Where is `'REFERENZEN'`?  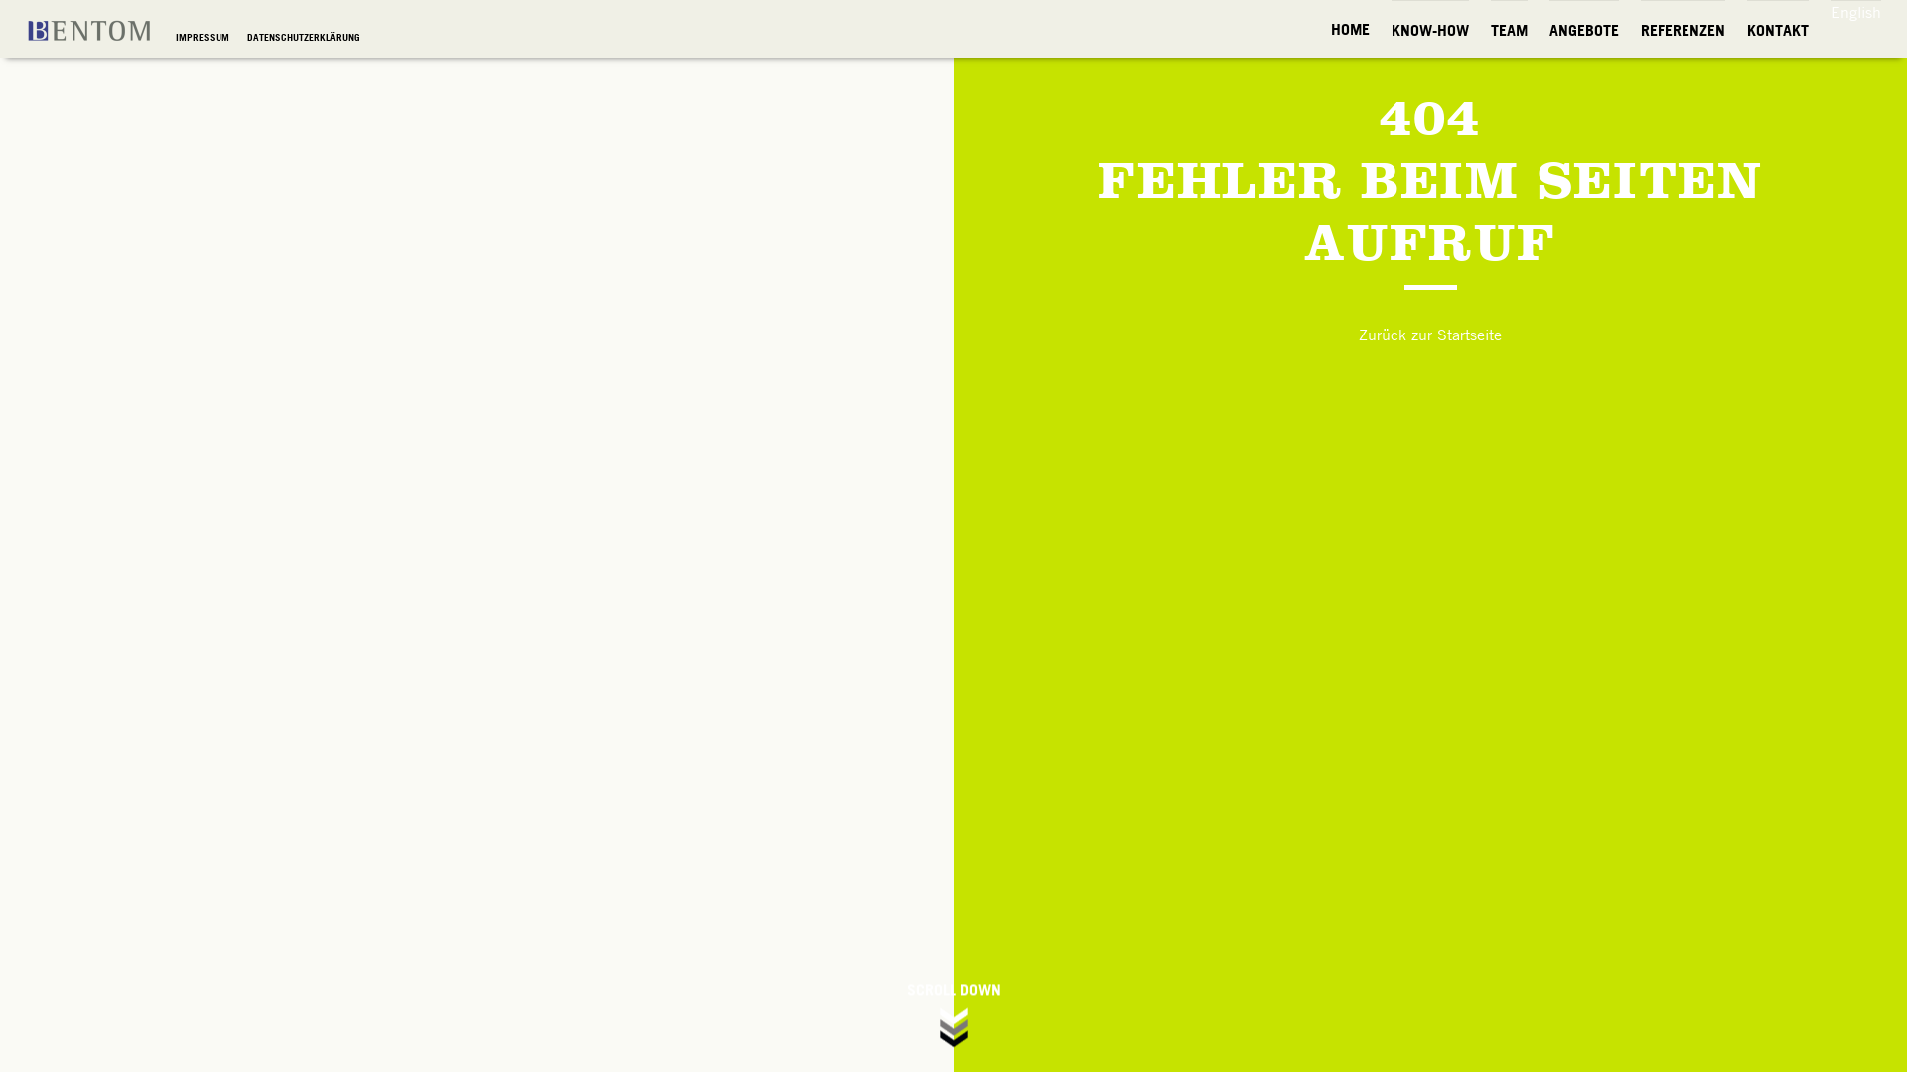
'REFERENZEN' is located at coordinates (1682, 30).